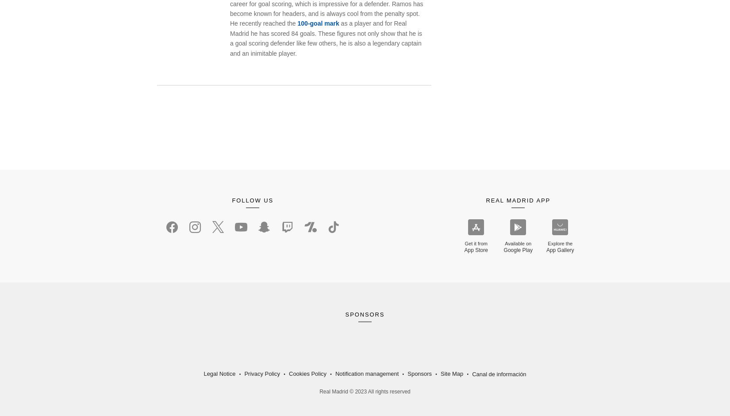 The height and width of the screenshot is (416, 730). Describe the element at coordinates (219, 373) in the screenshot. I see `'Legal Notice'` at that location.